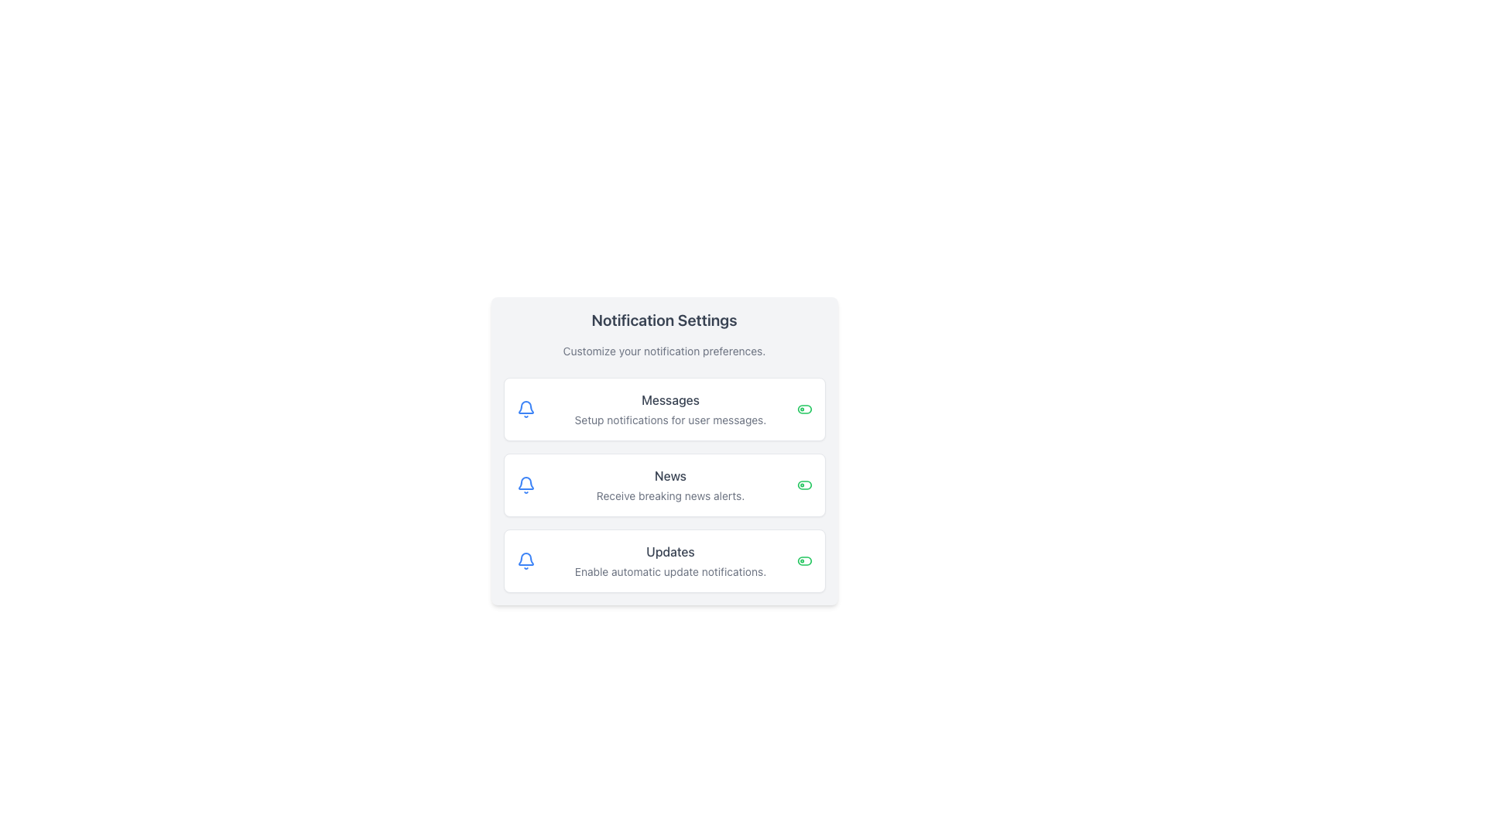 This screenshot has width=1486, height=836. I want to click on the Text label that serves as a heading for the notification category related to news alerts, located in the middle section of the vertical layout, so click(670, 475).